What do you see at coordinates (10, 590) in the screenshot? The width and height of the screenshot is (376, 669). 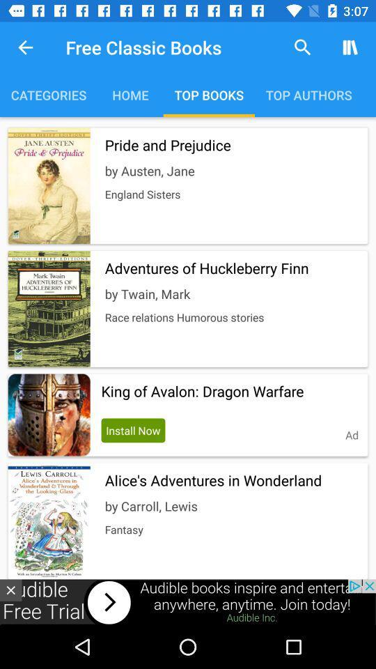 I see `advertisement` at bounding box center [10, 590].